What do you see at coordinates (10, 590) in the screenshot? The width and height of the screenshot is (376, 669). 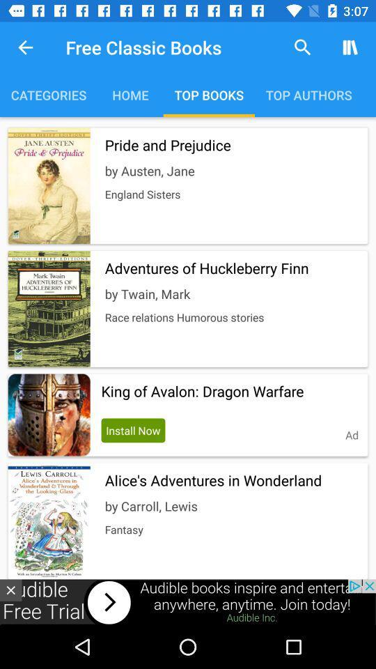 I see `advertisement` at bounding box center [10, 590].